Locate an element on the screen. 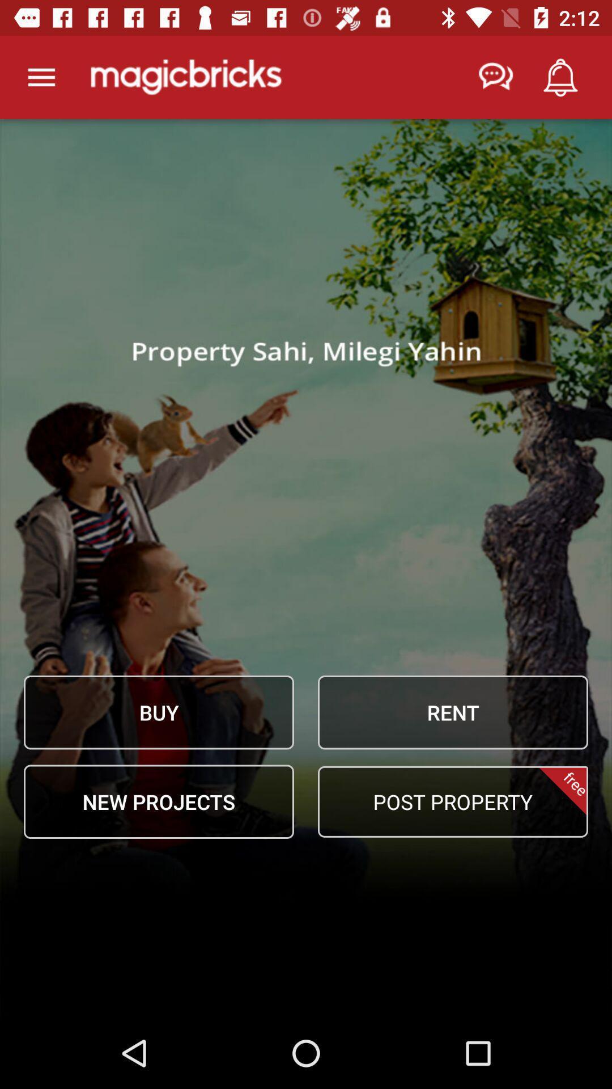 Image resolution: width=612 pixels, height=1089 pixels. new projects is located at coordinates (159, 801).